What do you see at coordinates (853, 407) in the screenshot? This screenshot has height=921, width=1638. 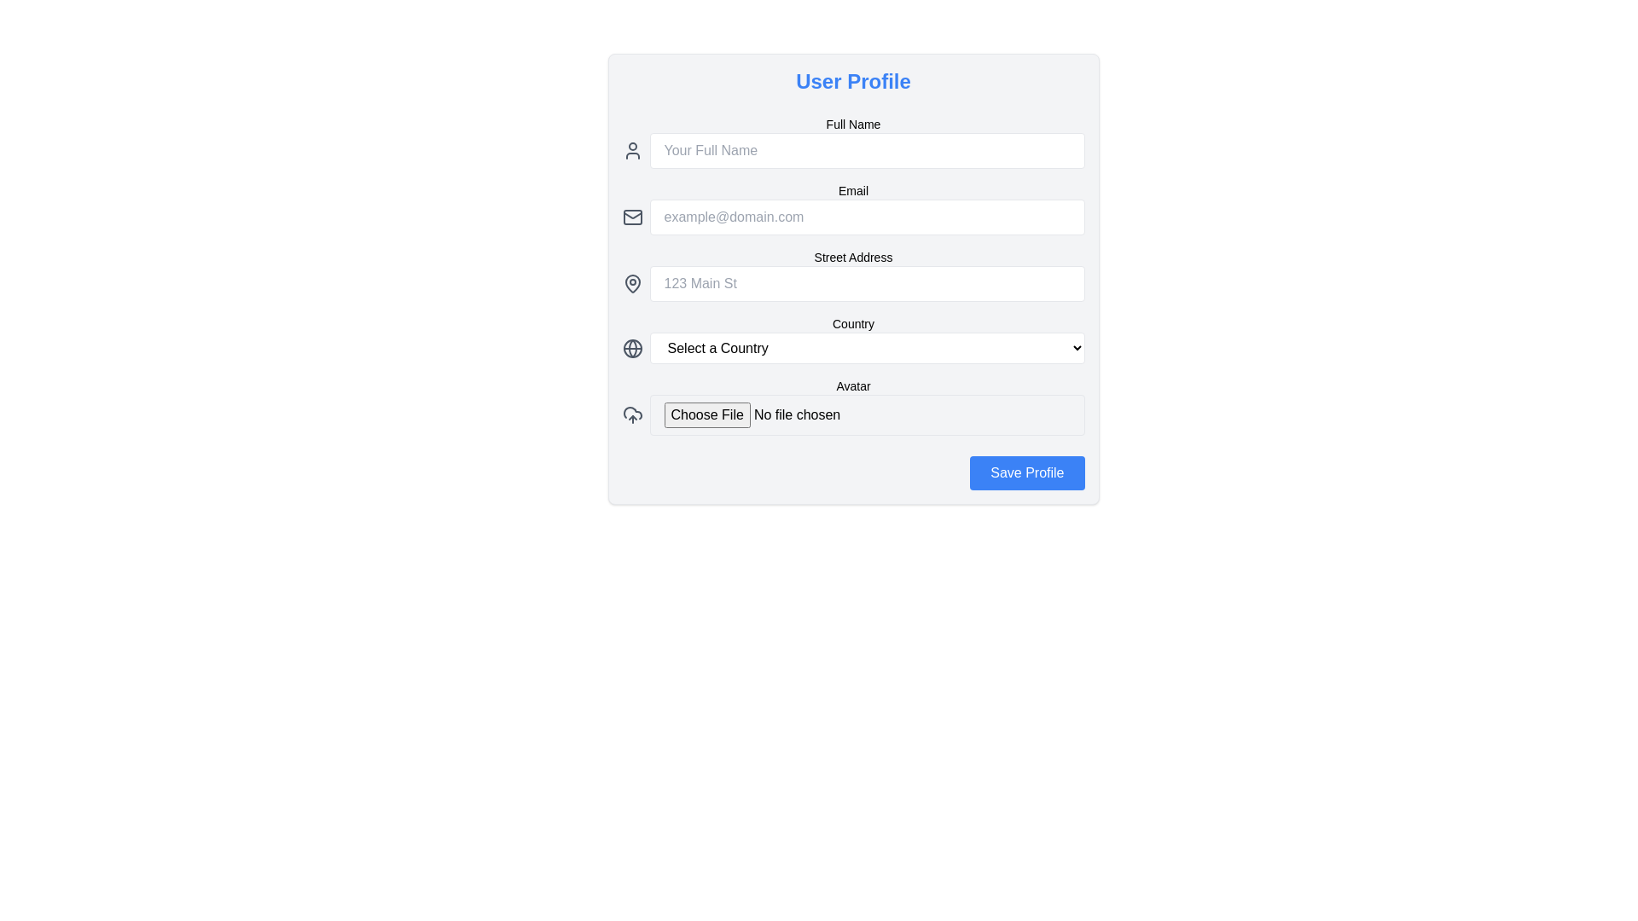 I see `the 'Choose File' input field in the 'Avatar' section` at bounding box center [853, 407].